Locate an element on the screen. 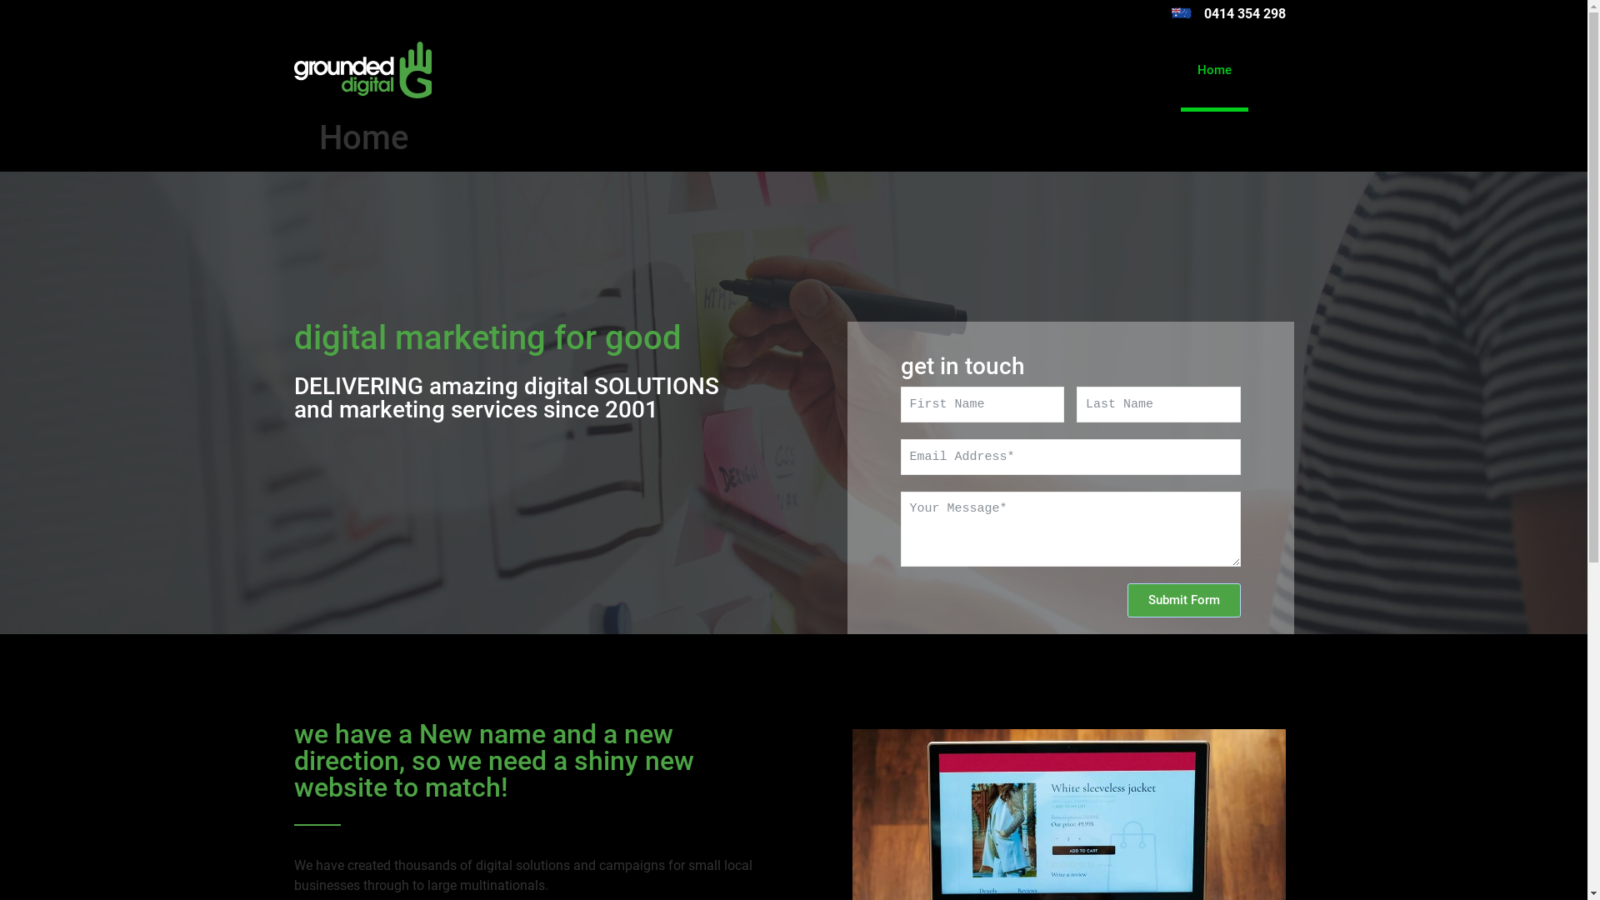 The image size is (1600, 900). 'Submit Form' is located at coordinates (1182, 600).